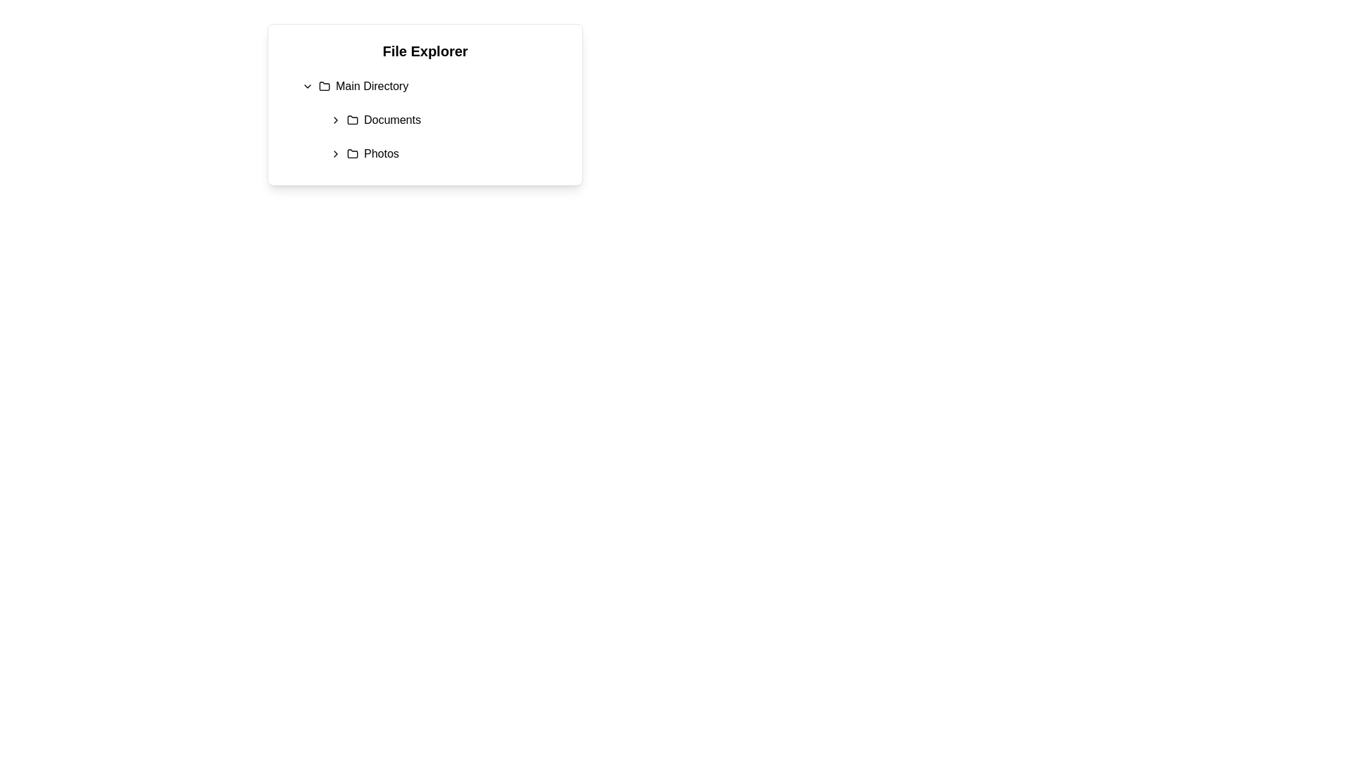 The image size is (1352, 760). Describe the element at coordinates (392, 119) in the screenshot. I see `the 'Documents' text label` at that location.